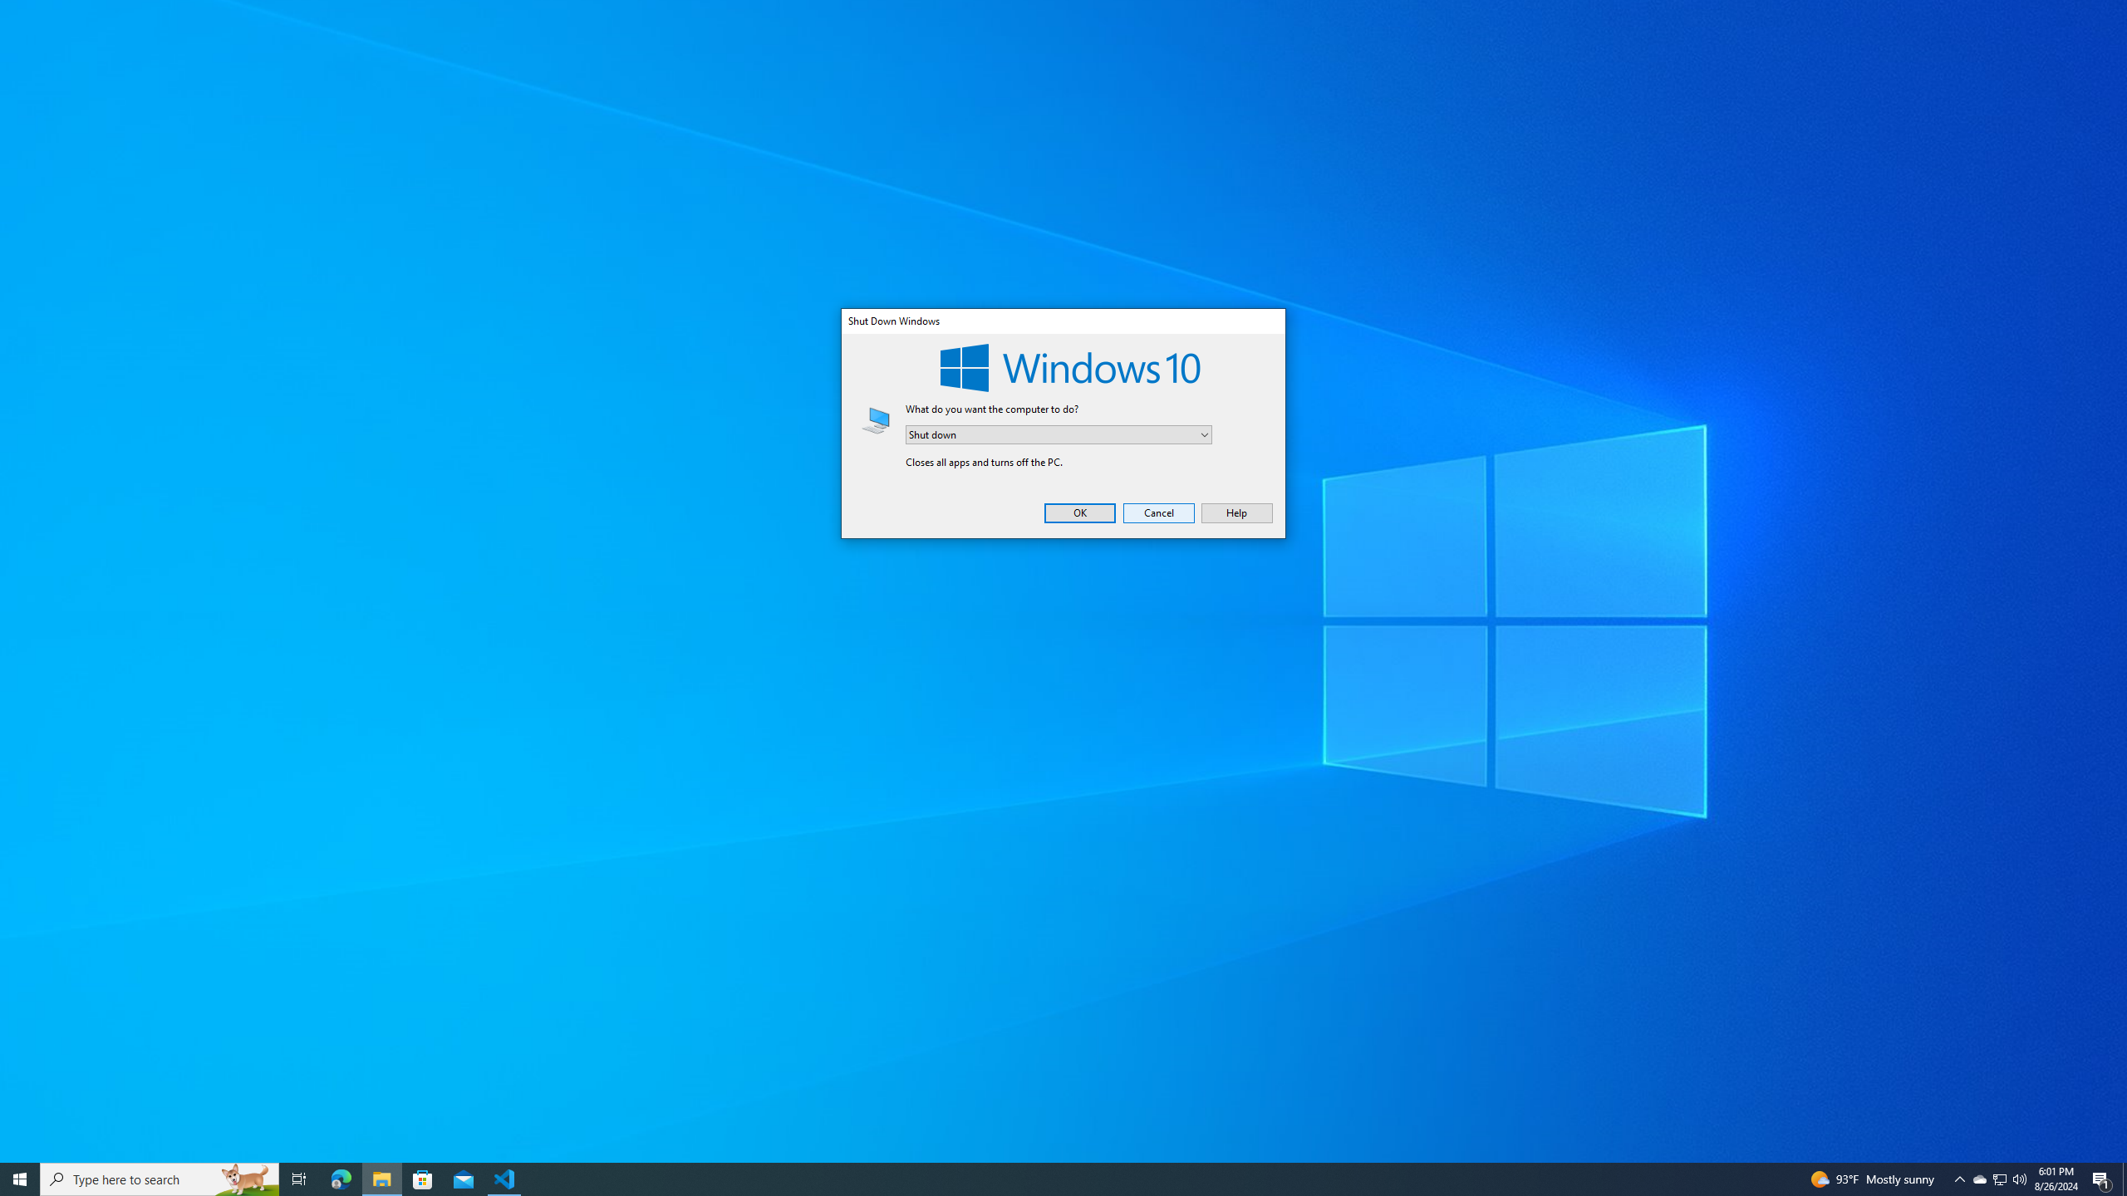  What do you see at coordinates (159, 1178) in the screenshot?
I see `'Type here to search'` at bounding box center [159, 1178].